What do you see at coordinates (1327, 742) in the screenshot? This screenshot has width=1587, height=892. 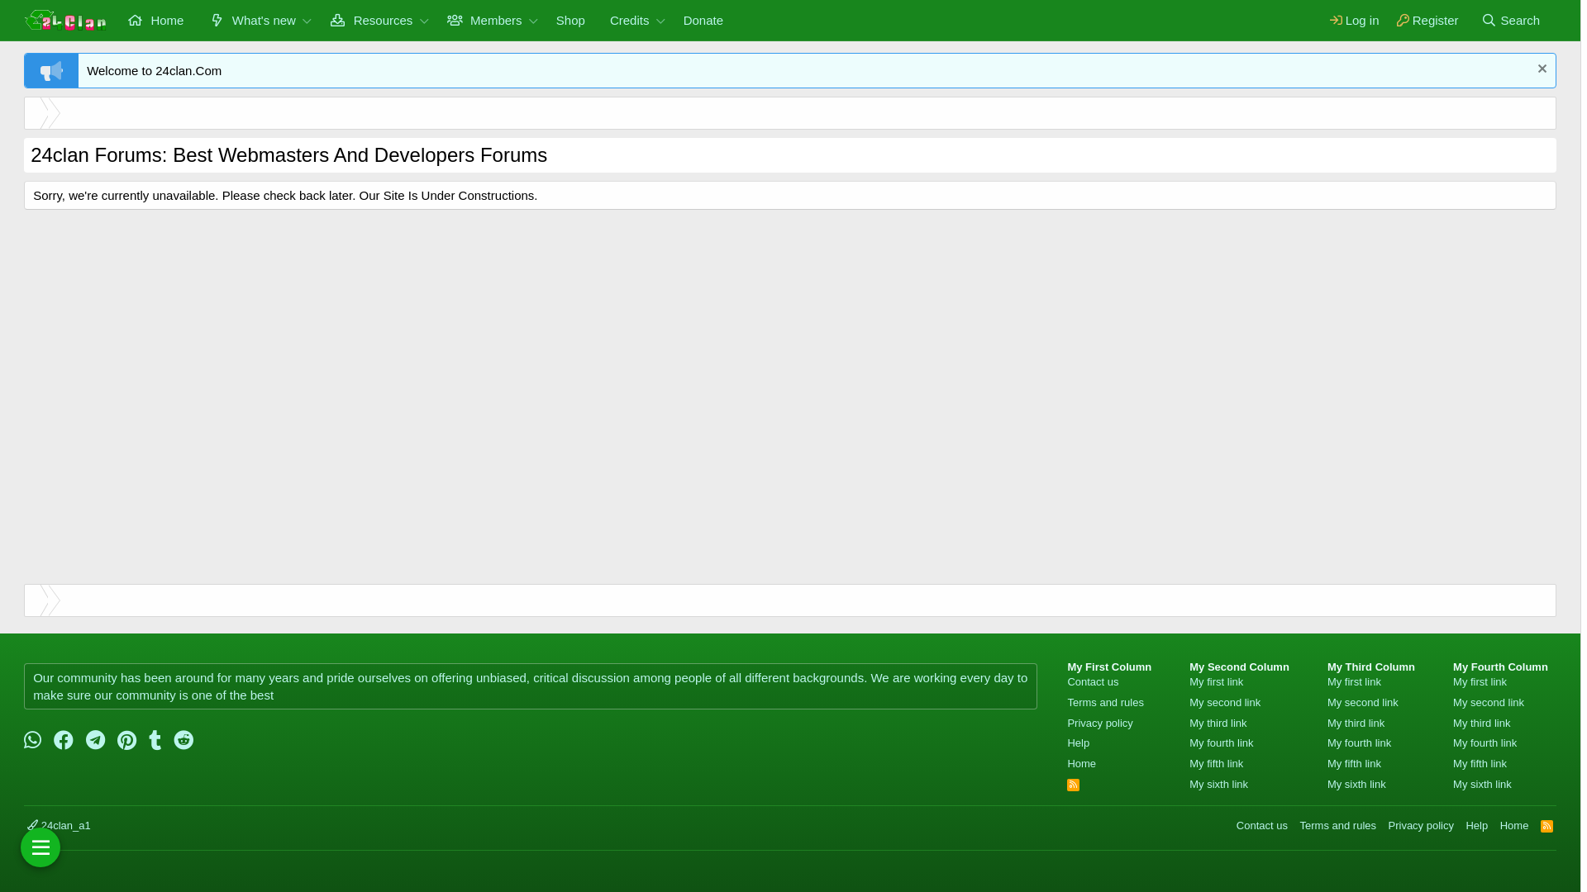 I see `'My fourth link'` at bounding box center [1327, 742].